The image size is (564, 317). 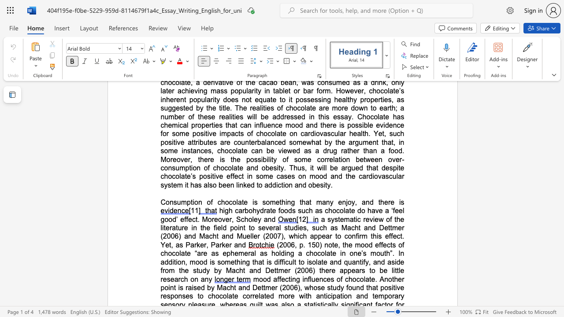 I want to click on the subset text "onf" within the text "appear to confirm", so click(x=347, y=236).